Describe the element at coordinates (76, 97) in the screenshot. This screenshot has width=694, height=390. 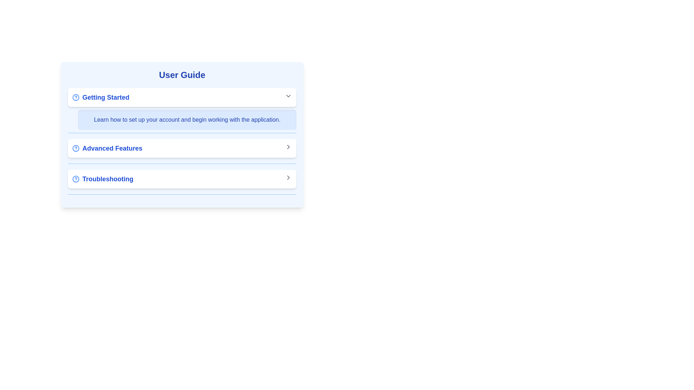
I see `the small circular help icon with a blue outline located to the left of the 'Getting Started' header in the user guide section` at that location.